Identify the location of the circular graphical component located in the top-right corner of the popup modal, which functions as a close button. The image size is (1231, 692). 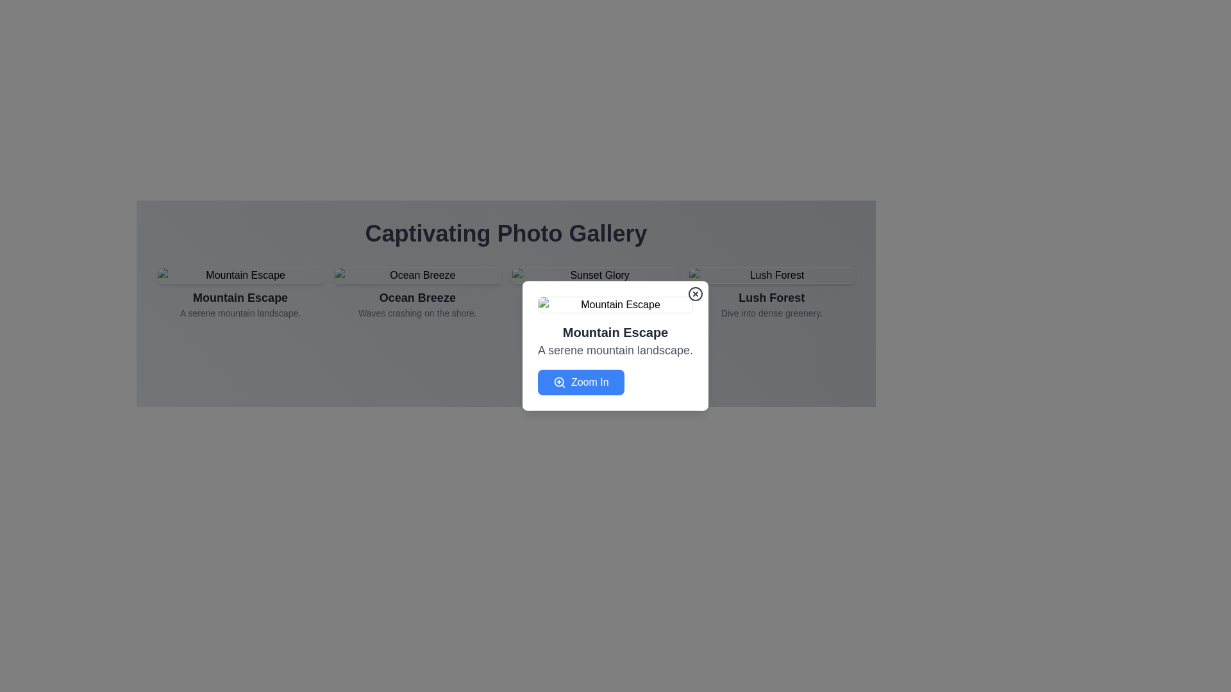
(694, 294).